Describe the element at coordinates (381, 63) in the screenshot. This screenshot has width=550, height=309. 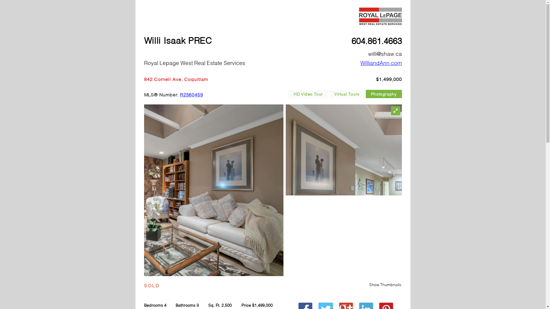
I see `'WilliandAnn.com'` at that location.